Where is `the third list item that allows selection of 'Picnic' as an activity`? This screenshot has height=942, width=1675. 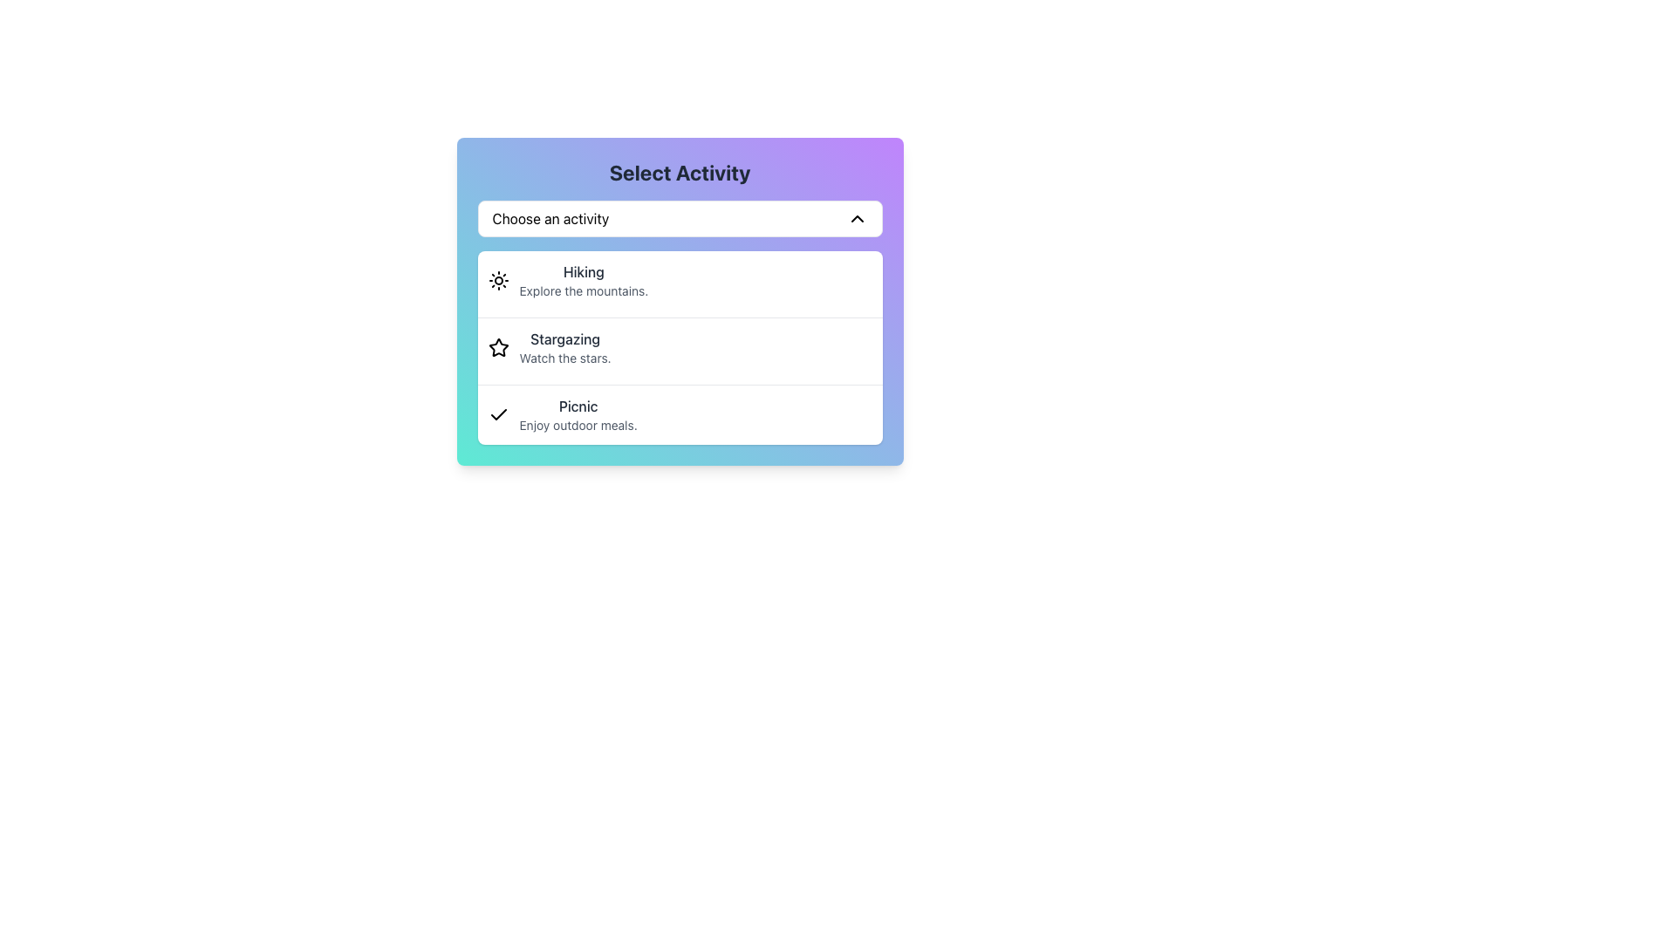 the third list item that allows selection of 'Picnic' as an activity is located at coordinates (578, 414).